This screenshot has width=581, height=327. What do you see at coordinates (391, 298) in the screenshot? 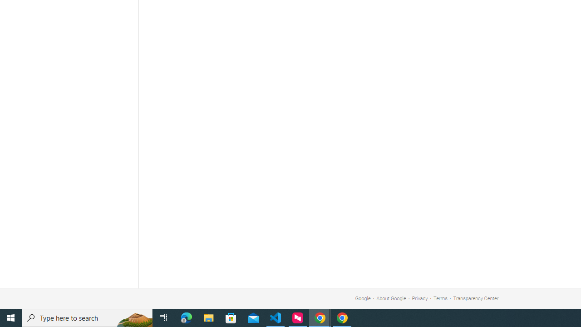
I see `'About Google'` at bounding box center [391, 298].